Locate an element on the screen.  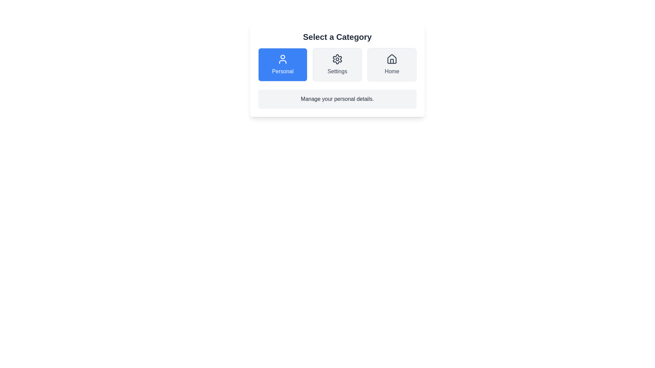
the category description text to select it is located at coordinates (337, 99).